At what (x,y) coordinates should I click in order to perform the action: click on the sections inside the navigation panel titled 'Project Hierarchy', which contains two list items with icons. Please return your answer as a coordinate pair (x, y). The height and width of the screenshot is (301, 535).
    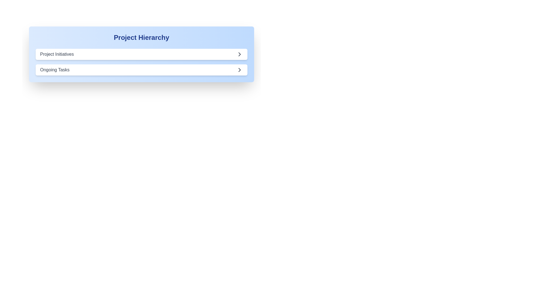
    Looking at the image, I should click on (142, 62).